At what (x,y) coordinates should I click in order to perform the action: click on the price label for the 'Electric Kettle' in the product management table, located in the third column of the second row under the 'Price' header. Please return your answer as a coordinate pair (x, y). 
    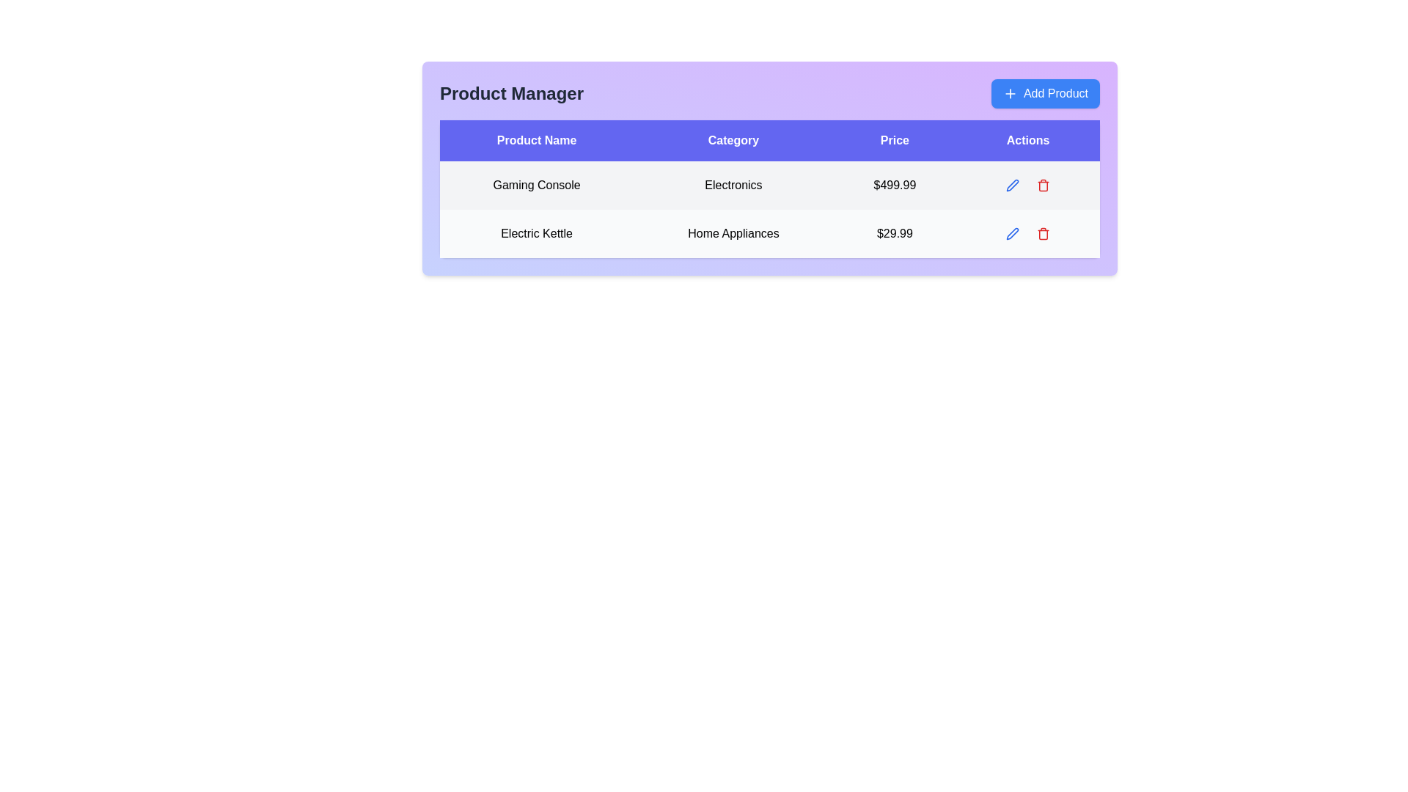
    Looking at the image, I should click on (894, 233).